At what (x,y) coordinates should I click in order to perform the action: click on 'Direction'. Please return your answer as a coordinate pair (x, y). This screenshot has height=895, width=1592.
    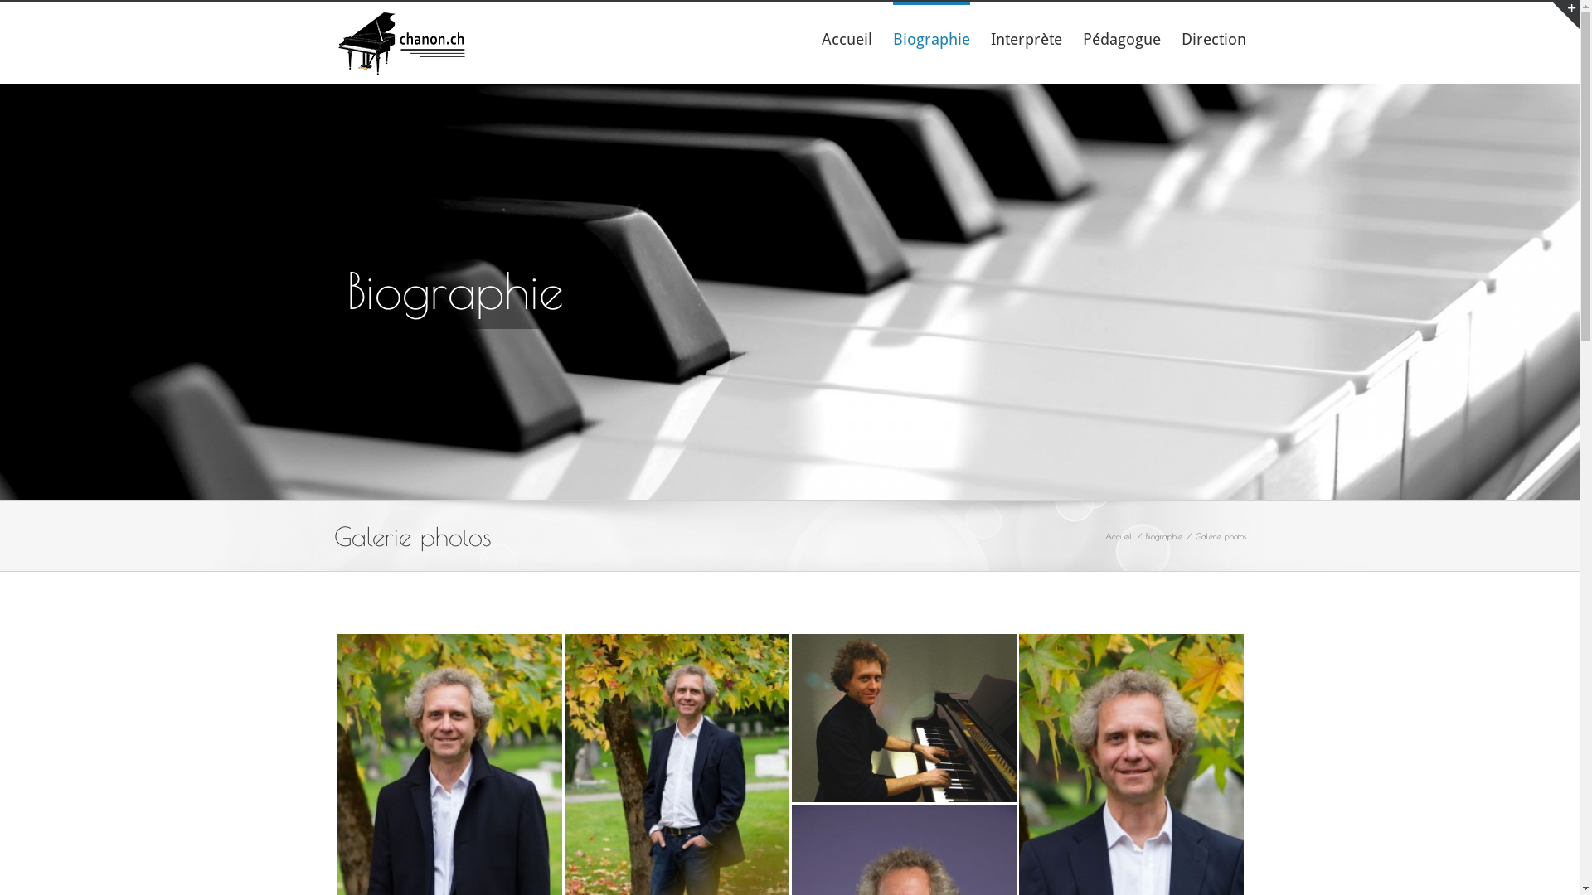
    Looking at the image, I should click on (1213, 37).